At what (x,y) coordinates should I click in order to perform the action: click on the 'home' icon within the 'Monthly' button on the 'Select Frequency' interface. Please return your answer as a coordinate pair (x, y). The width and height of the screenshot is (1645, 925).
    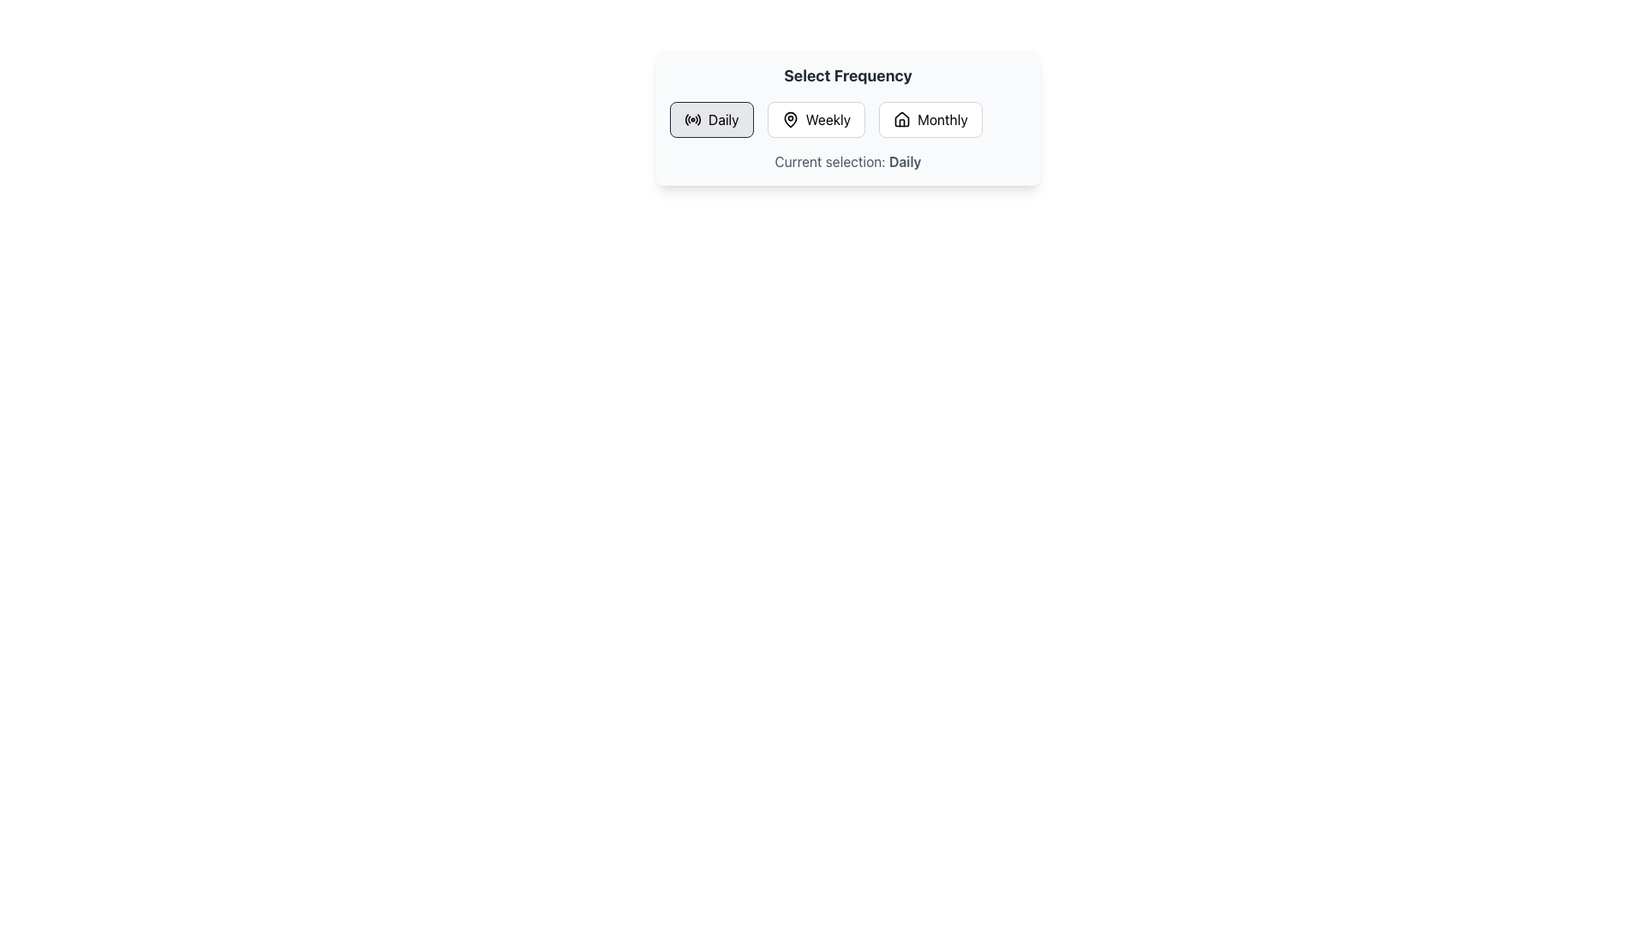
    Looking at the image, I should click on (901, 118).